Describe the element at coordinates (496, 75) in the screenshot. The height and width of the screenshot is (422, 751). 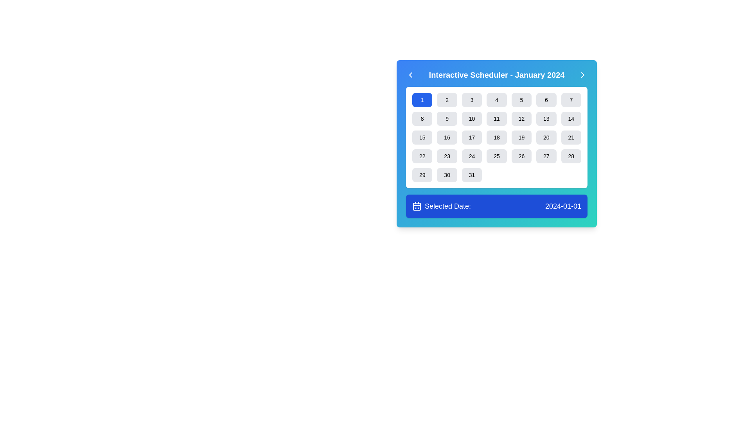
I see `the static text header that displays the current month and year in the scheduler, located at the top of the interface` at that location.